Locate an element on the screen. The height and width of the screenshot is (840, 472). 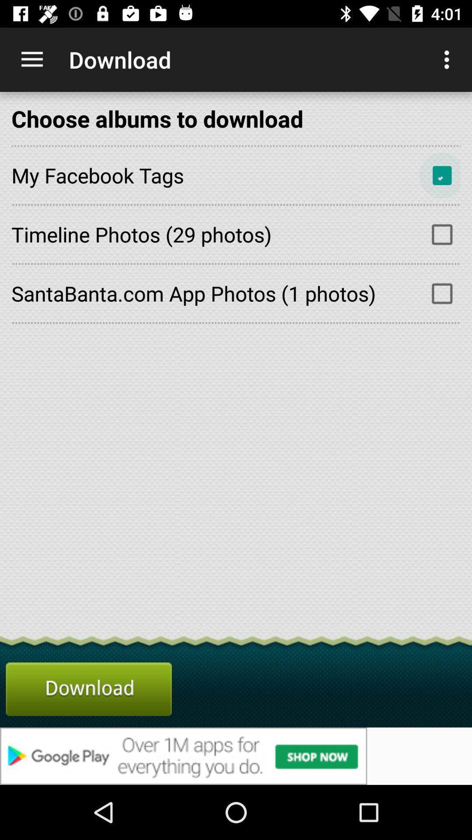
download the albums is located at coordinates (89, 689).